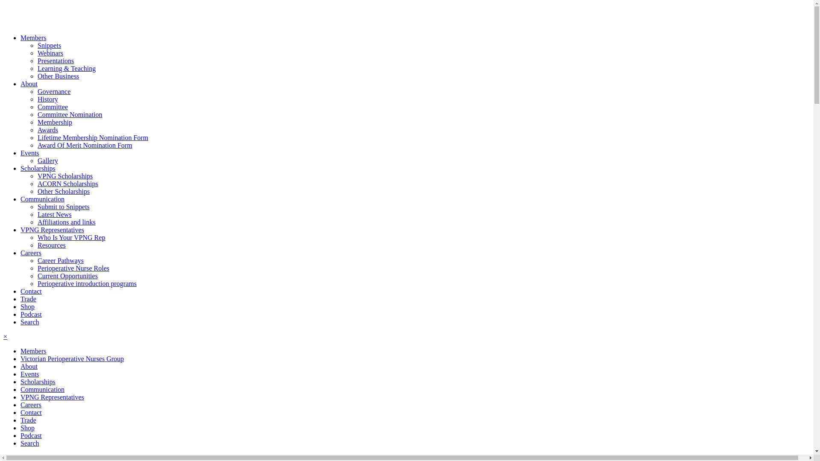  What do you see at coordinates (71, 237) in the screenshot?
I see `'Who Is Your VPNG Rep'` at bounding box center [71, 237].